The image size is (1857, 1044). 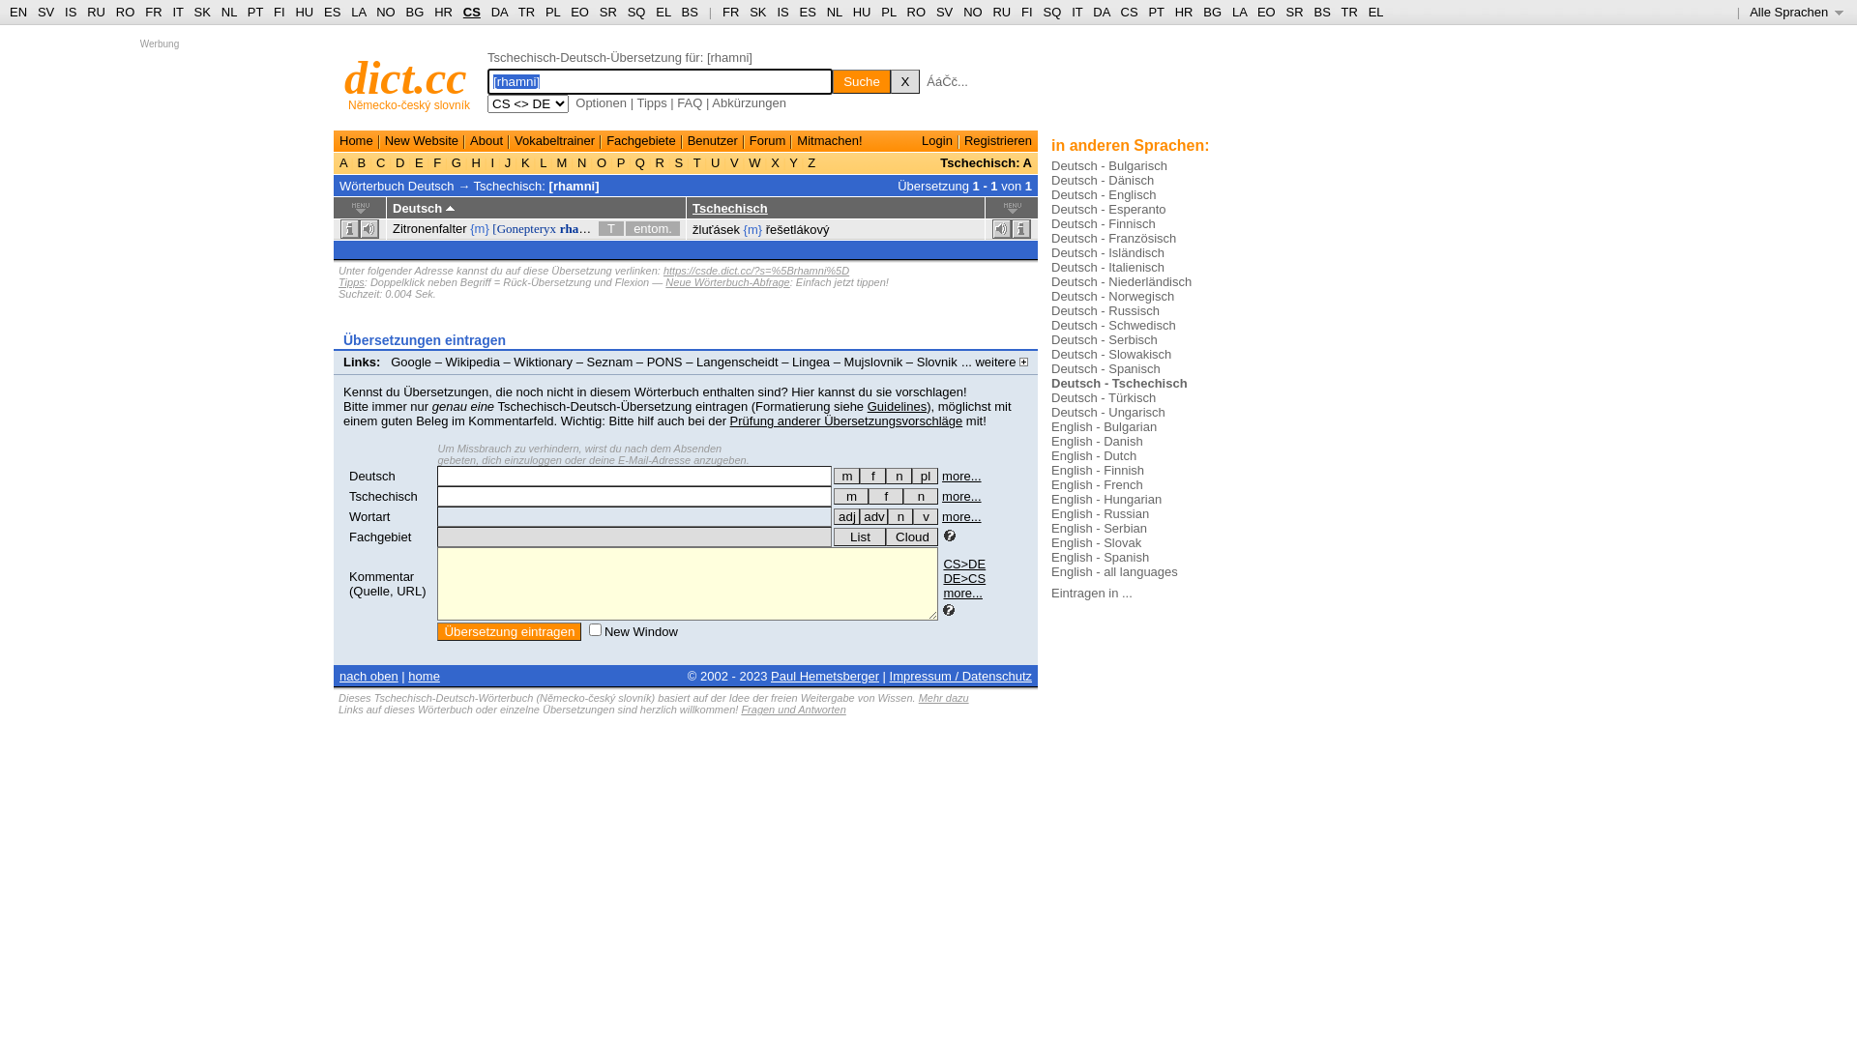 I want to click on 'f', so click(x=871, y=476).